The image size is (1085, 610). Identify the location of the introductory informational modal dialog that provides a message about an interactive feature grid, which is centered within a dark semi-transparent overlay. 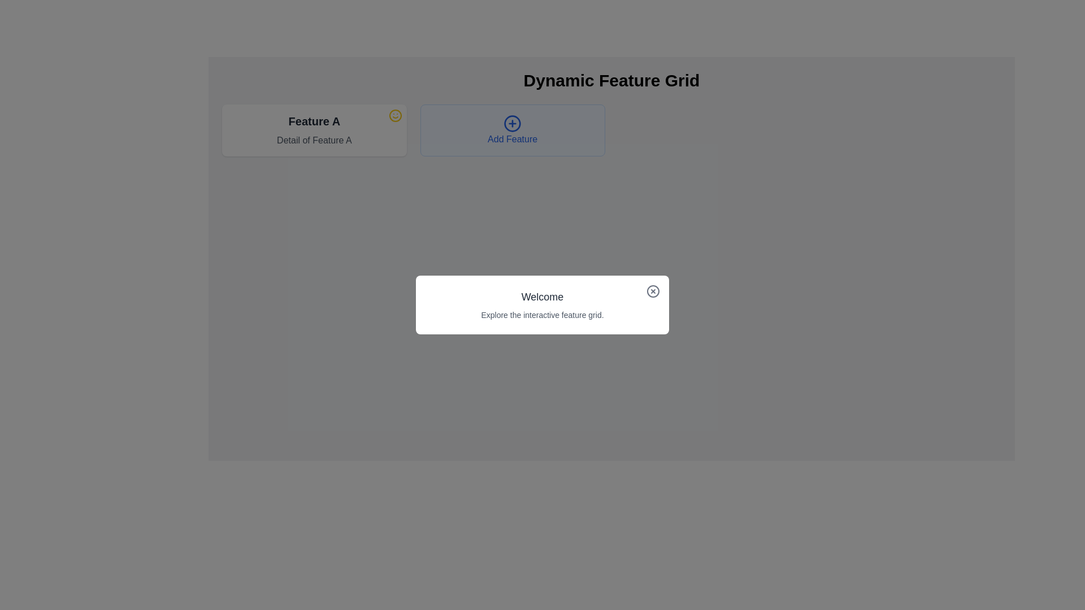
(542, 305).